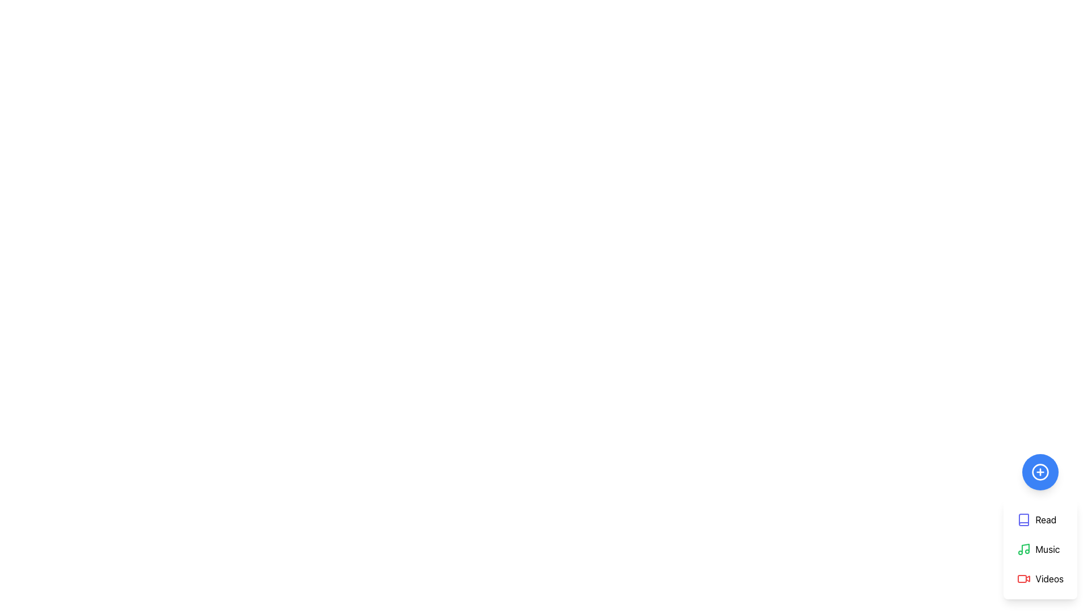 The height and width of the screenshot is (613, 1091). I want to click on the indigo book icon located at the top of the vertical menu column, adjacent to the 'Read' text label, so click(1024, 519).